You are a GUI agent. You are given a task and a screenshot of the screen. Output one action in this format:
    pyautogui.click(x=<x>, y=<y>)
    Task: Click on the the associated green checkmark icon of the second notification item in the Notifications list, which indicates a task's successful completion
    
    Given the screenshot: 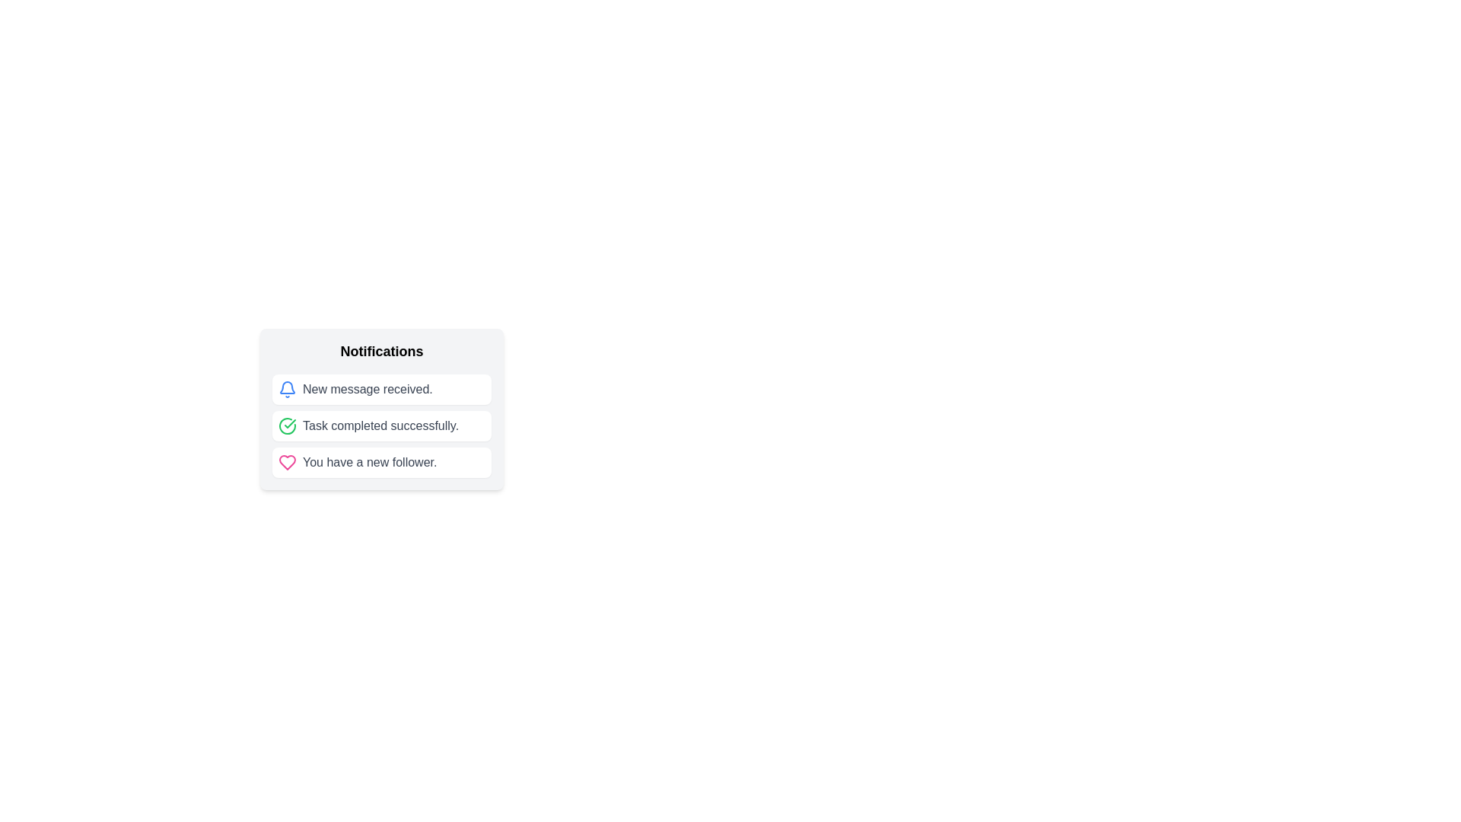 What is the action you would take?
    pyautogui.click(x=382, y=425)
    